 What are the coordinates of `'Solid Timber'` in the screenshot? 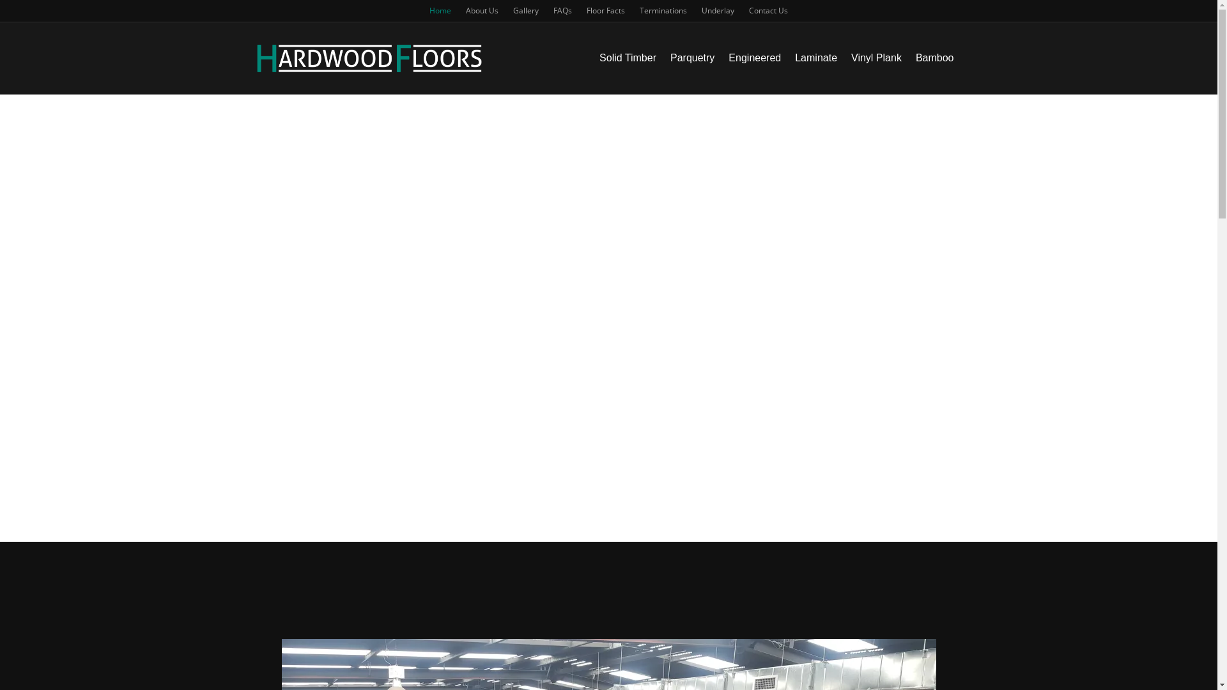 It's located at (628, 58).